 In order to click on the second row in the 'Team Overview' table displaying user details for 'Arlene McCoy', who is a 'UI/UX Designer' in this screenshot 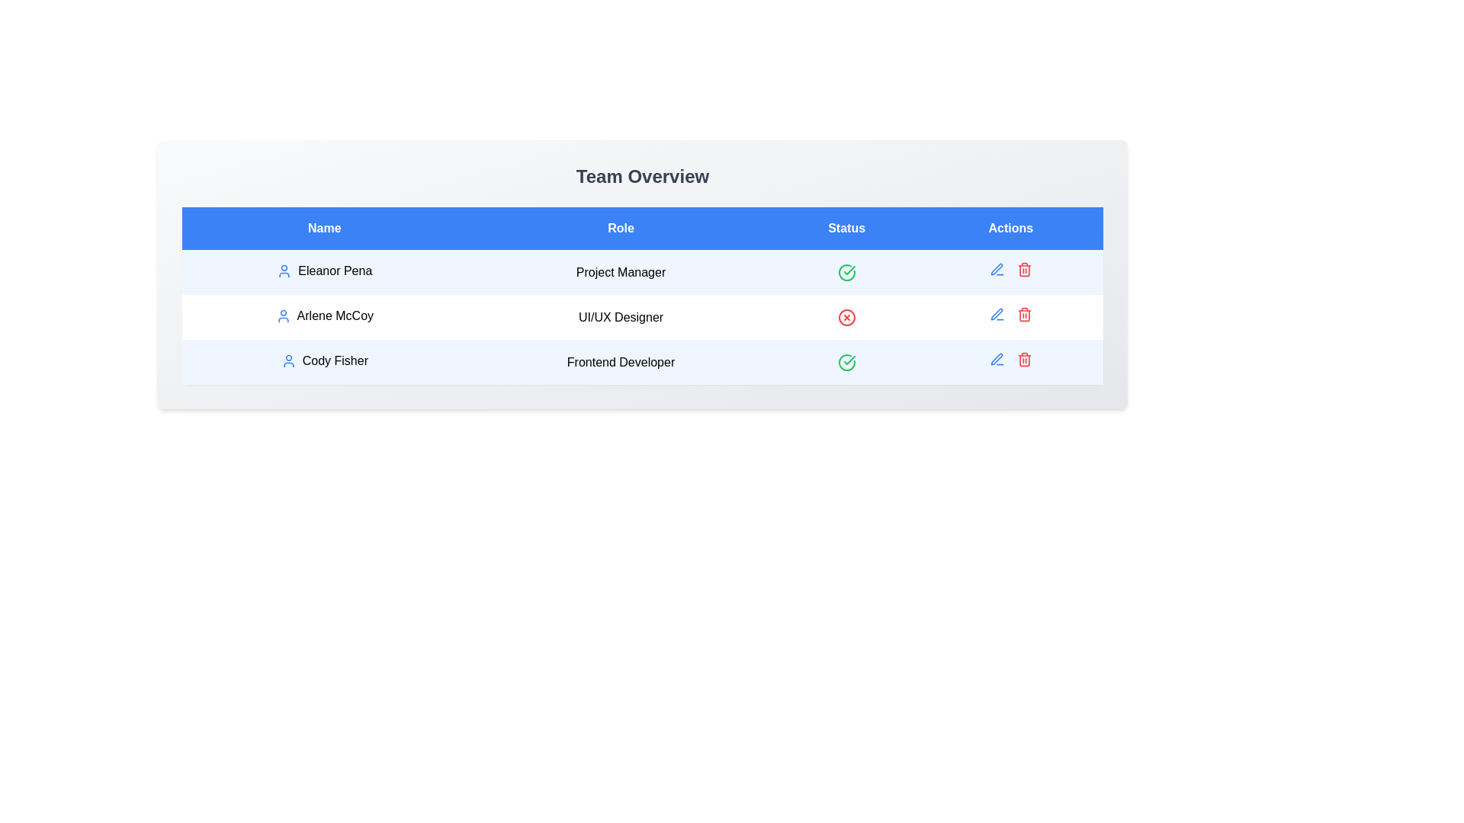, I will do `click(643, 316)`.